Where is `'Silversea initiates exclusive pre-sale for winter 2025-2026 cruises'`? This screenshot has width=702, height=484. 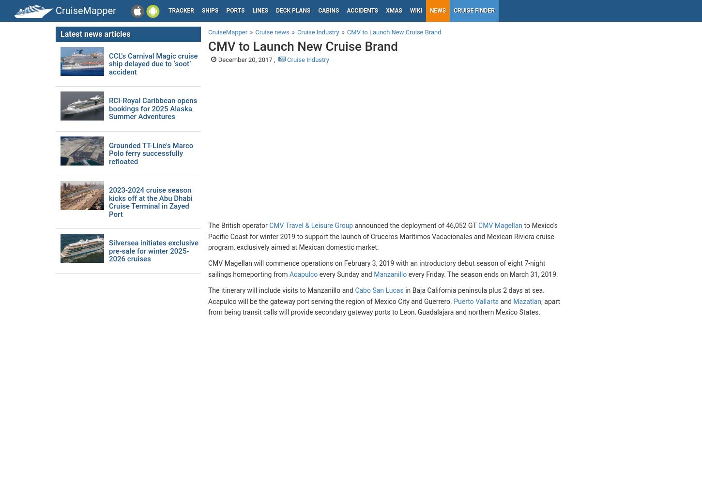
'Silversea initiates exclusive pre-sale for winter 2025-2026 cruises' is located at coordinates (153, 251).